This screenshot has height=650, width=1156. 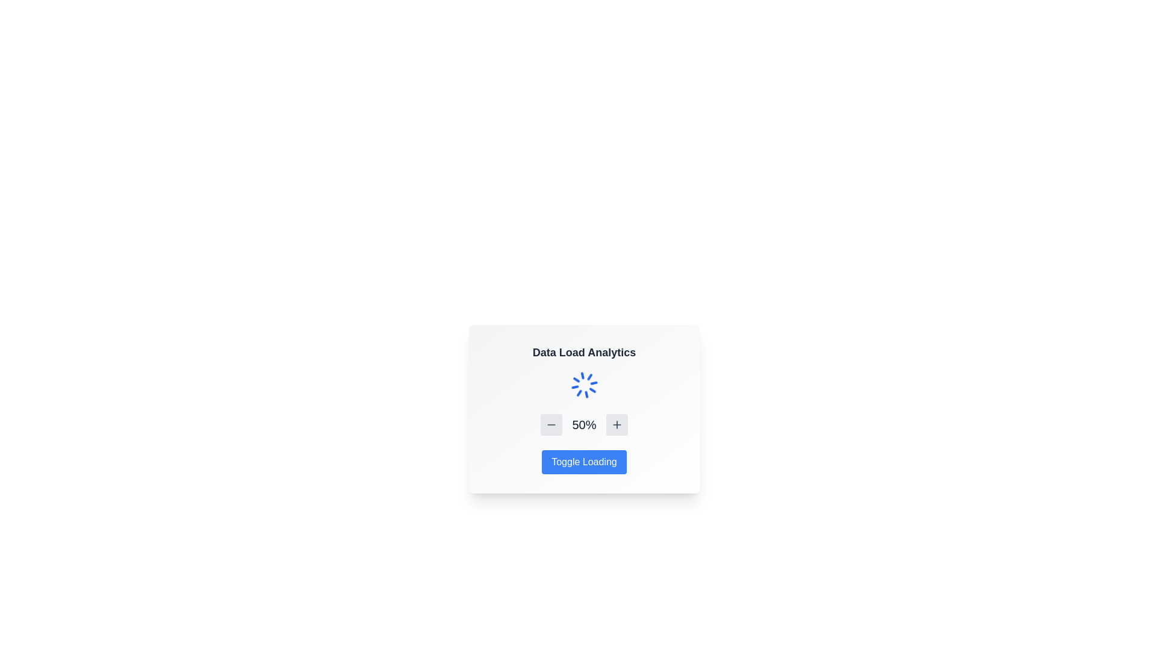 What do you see at coordinates (584, 424) in the screenshot?
I see `the read-only percentage value label located centrally in the horizontal group of decrement and increment controls, which is aligned with the 'Data Load Analytics' section` at bounding box center [584, 424].